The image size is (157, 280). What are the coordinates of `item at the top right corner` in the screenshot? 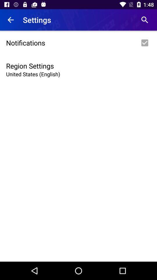 It's located at (144, 20).